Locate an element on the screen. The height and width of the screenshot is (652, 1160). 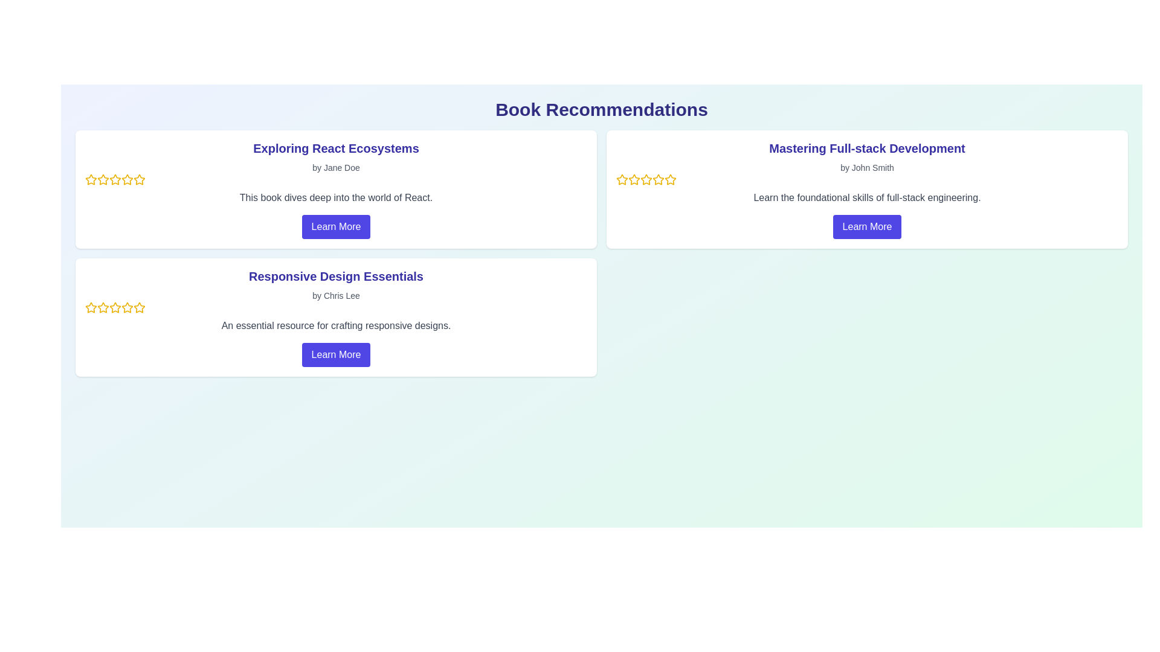
the third star icon in the rating component under the title 'Exploring React Ecosystems' is located at coordinates (103, 179).